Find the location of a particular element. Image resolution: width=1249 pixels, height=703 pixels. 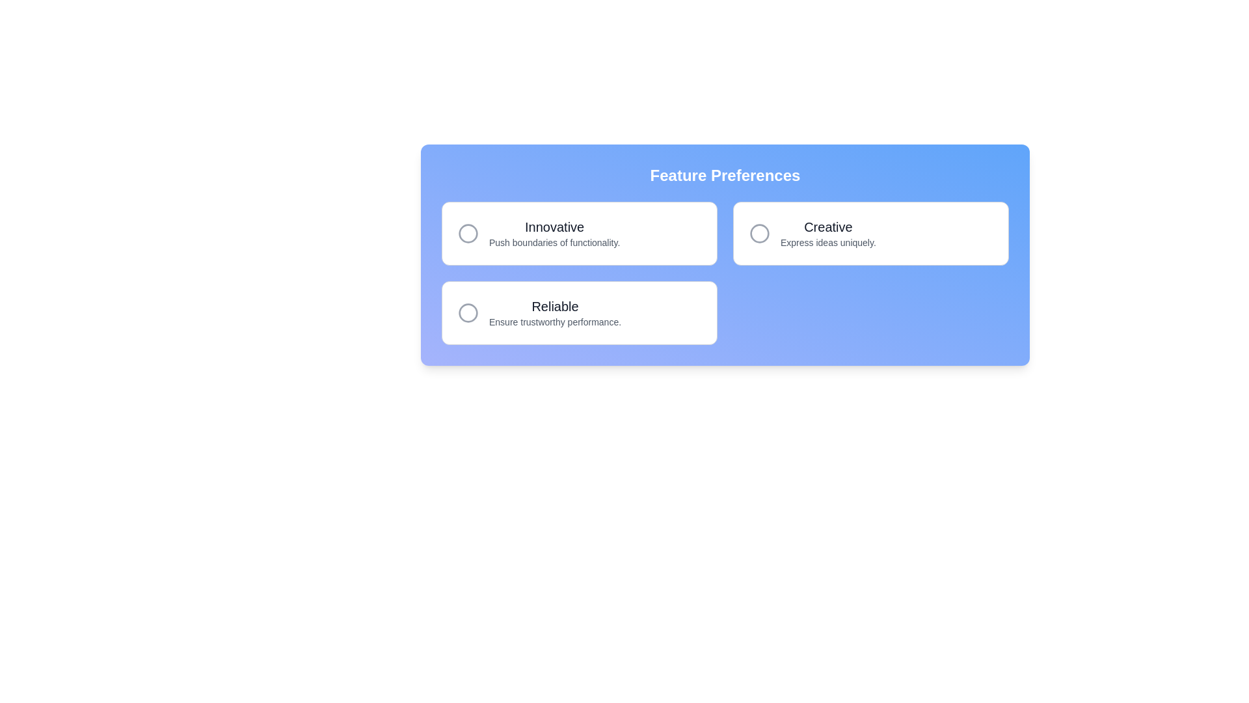

the circular SVG icon located to the left of the 'Creative' option in the upper-right card of the feature selection layout is located at coordinates (759, 232).